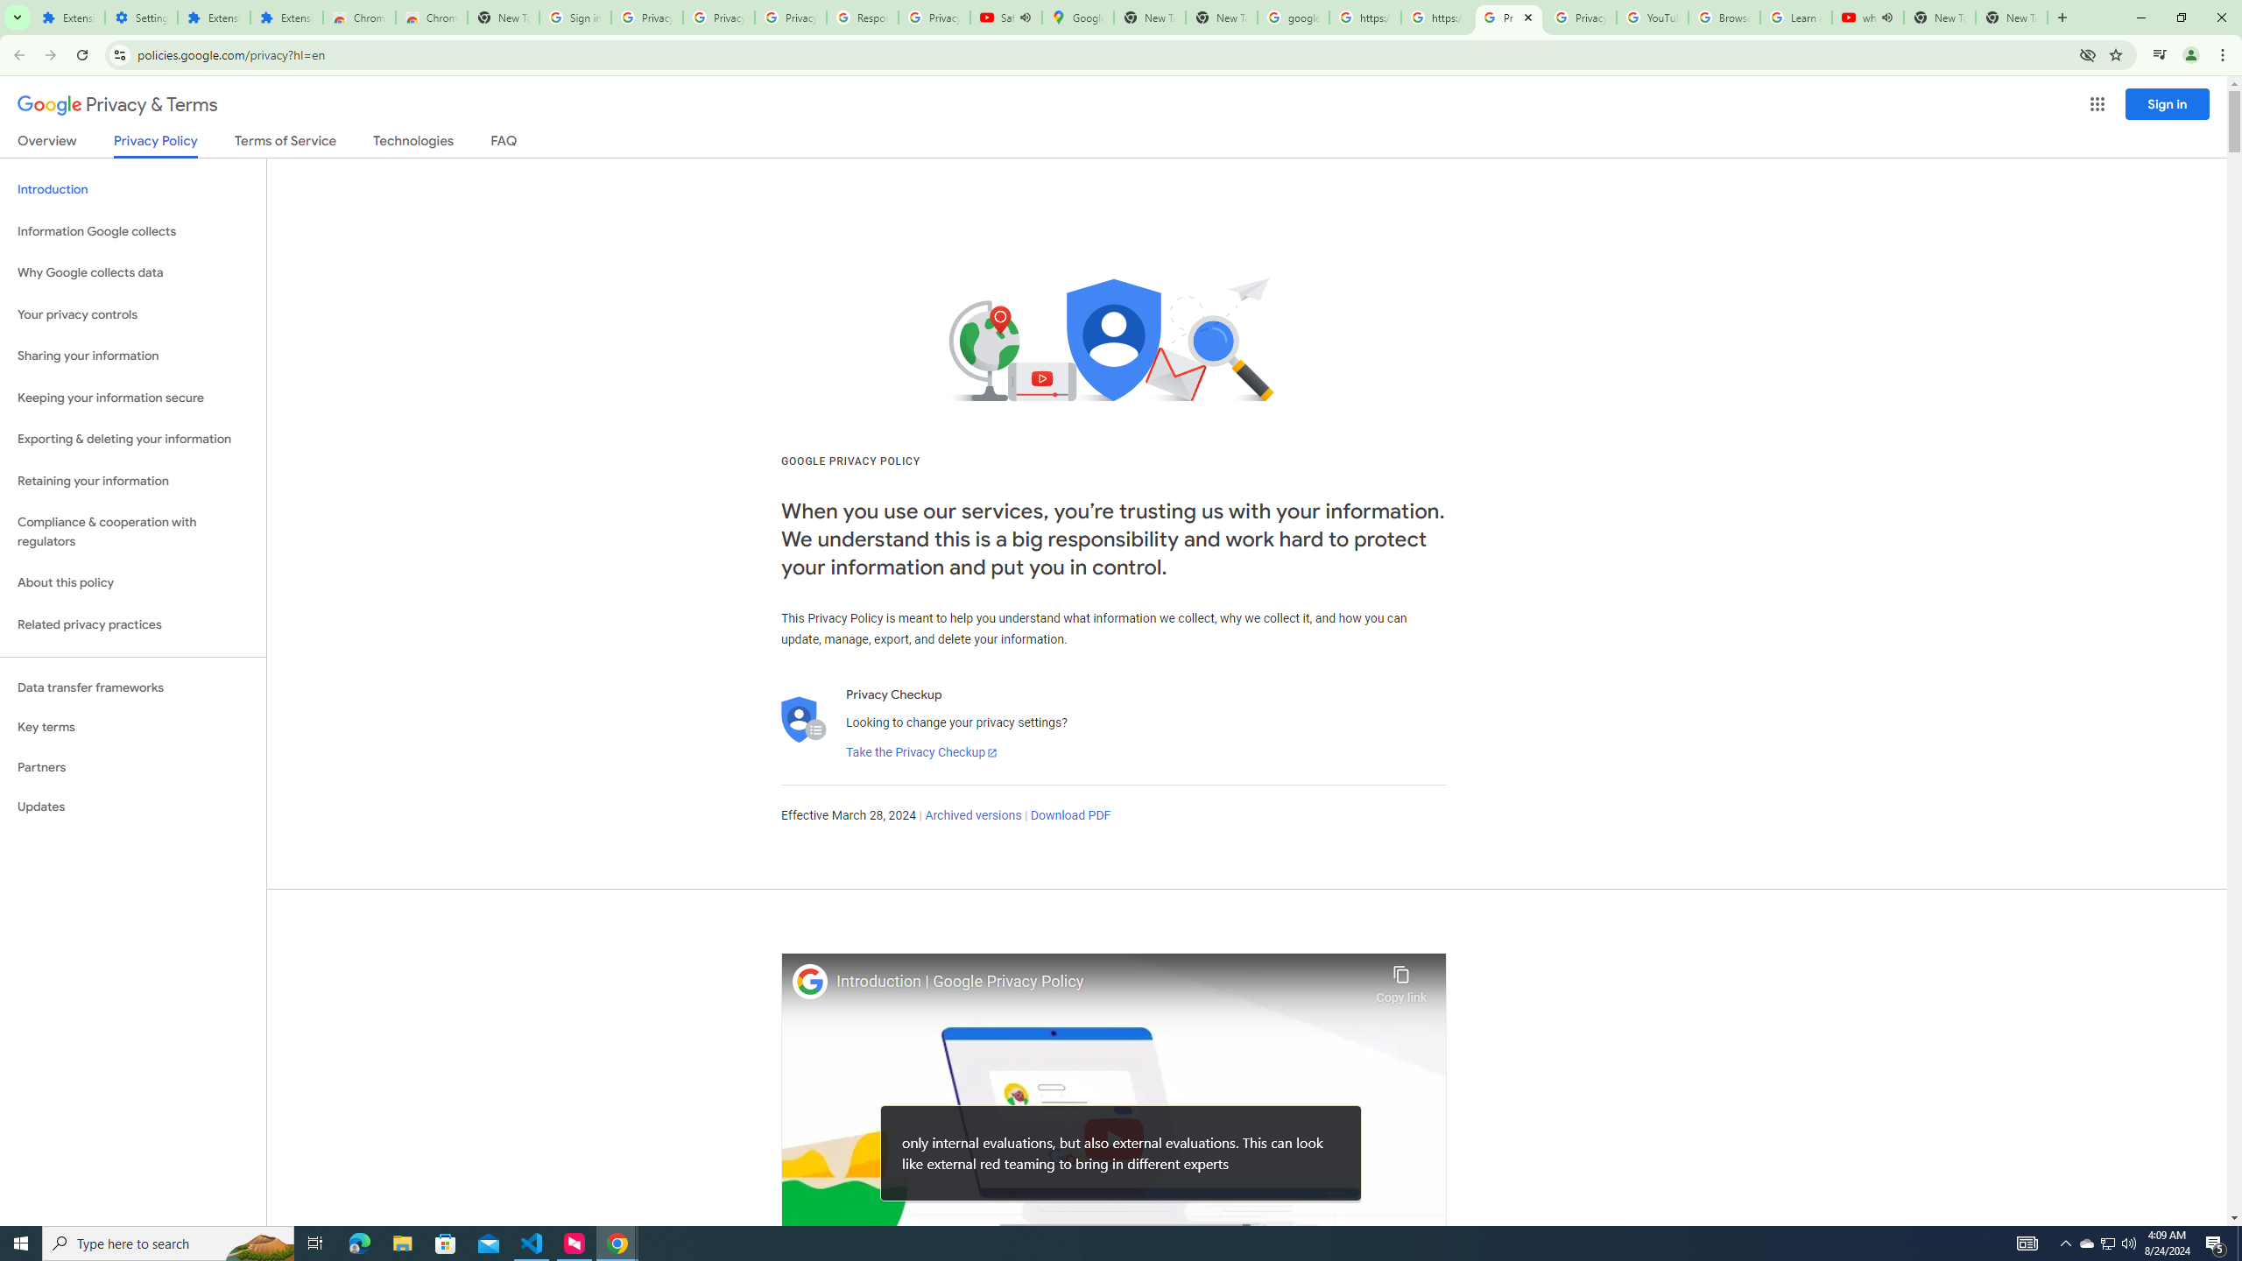 This screenshot has width=2242, height=1261. I want to click on 'Copy link', so click(1400, 979).